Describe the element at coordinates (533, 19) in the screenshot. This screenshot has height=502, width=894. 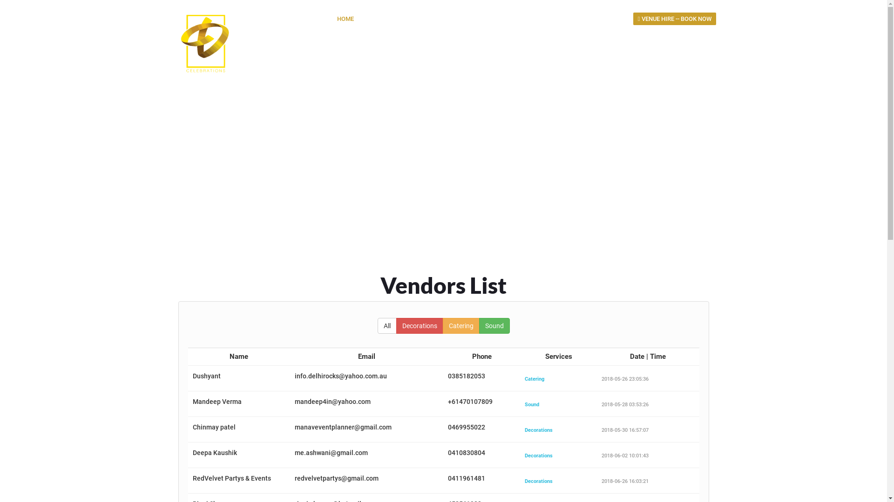
I see `'VENDORS'` at that location.